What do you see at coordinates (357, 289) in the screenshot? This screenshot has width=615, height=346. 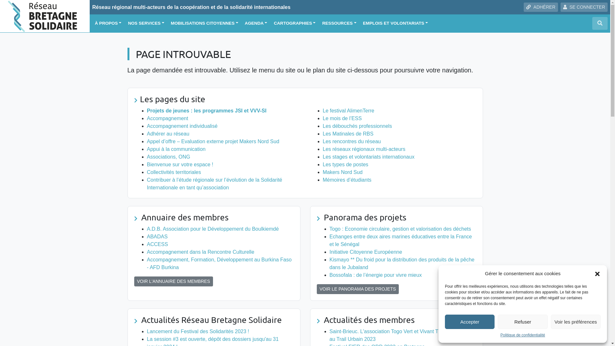 I see `'VOIR LE PANORAMA DES PROJETS'` at bounding box center [357, 289].